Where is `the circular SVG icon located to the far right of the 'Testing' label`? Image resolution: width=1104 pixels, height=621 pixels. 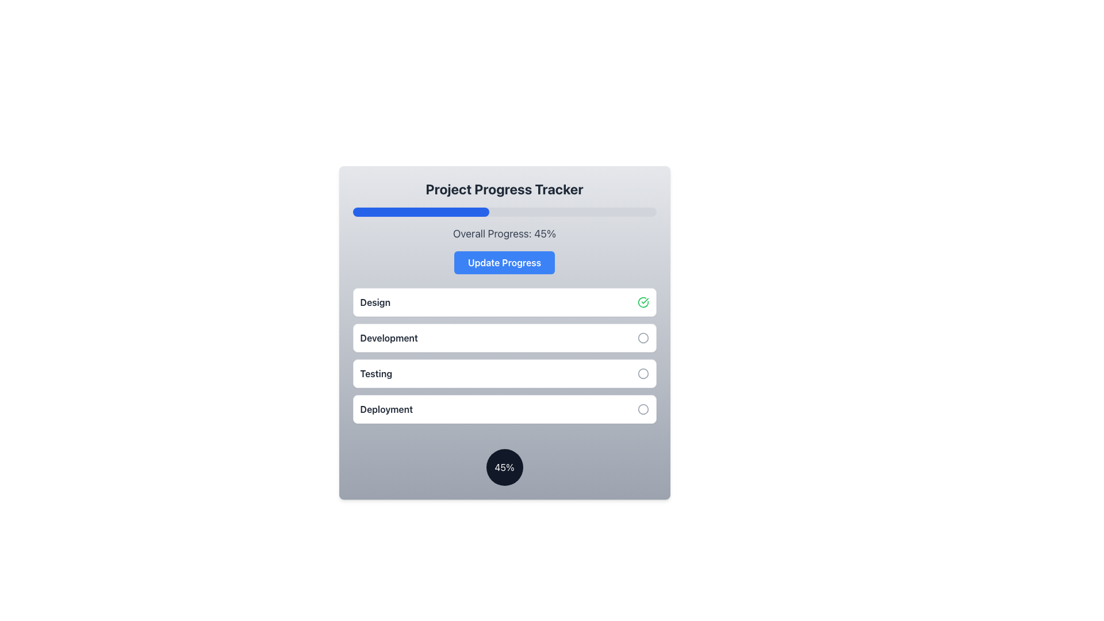
the circular SVG icon located to the far right of the 'Testing' label is located at coordinates (642, 374).